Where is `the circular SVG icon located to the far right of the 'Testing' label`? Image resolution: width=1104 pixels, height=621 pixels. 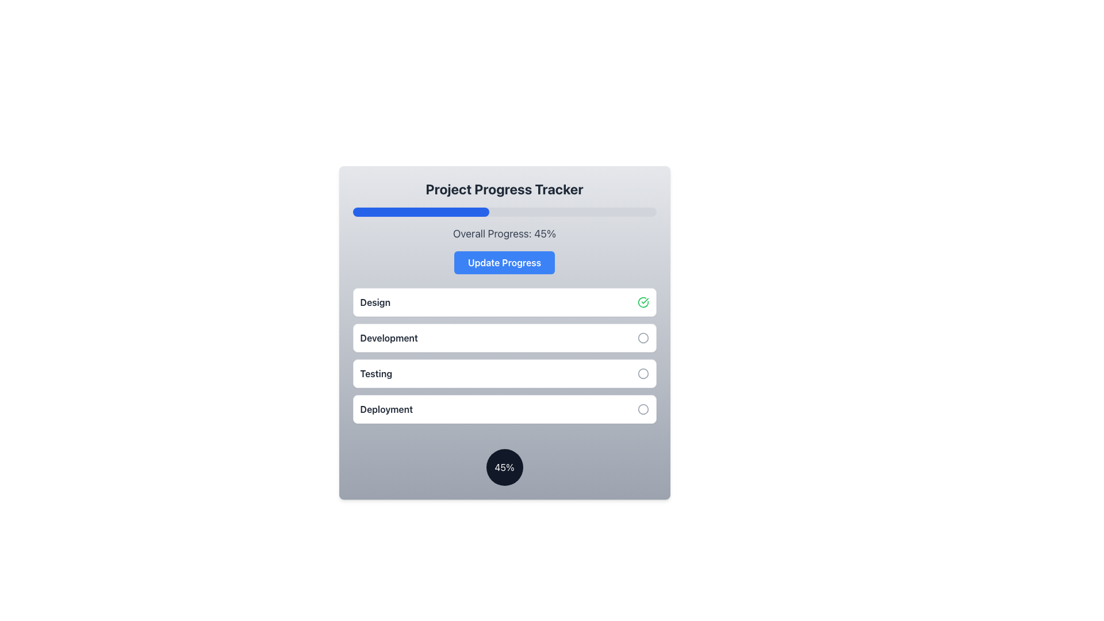
the circular SVG icon located to the far right of the 'Testing' label is located at coordinates (642, 374).